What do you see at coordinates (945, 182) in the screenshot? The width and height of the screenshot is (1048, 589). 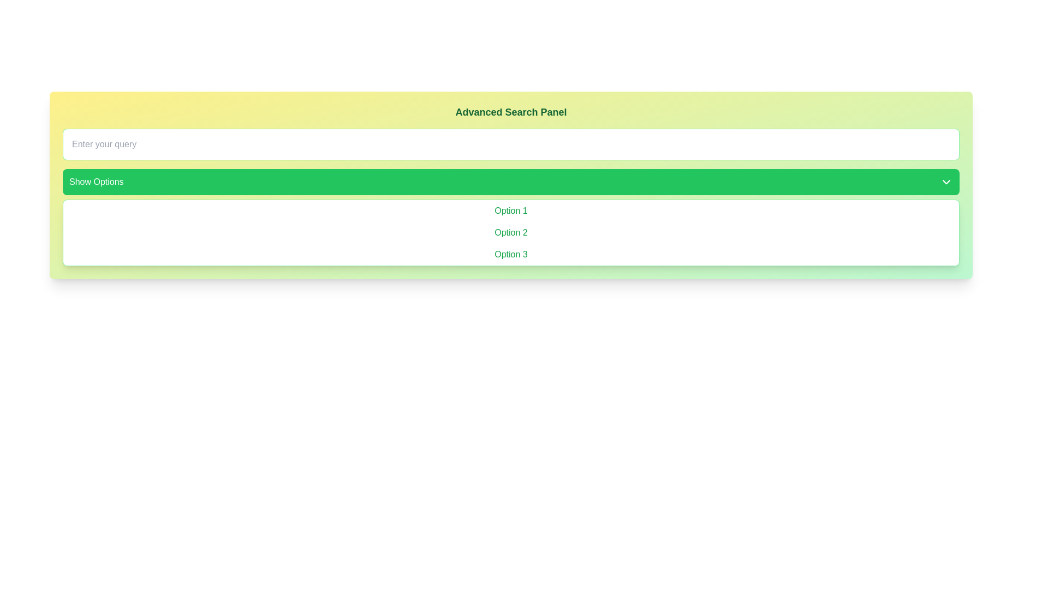 I see `the small downward-pointing chevron arrow icon located at the far right of the green button labeled 'Show Options'` at bounding box center [945, 182].